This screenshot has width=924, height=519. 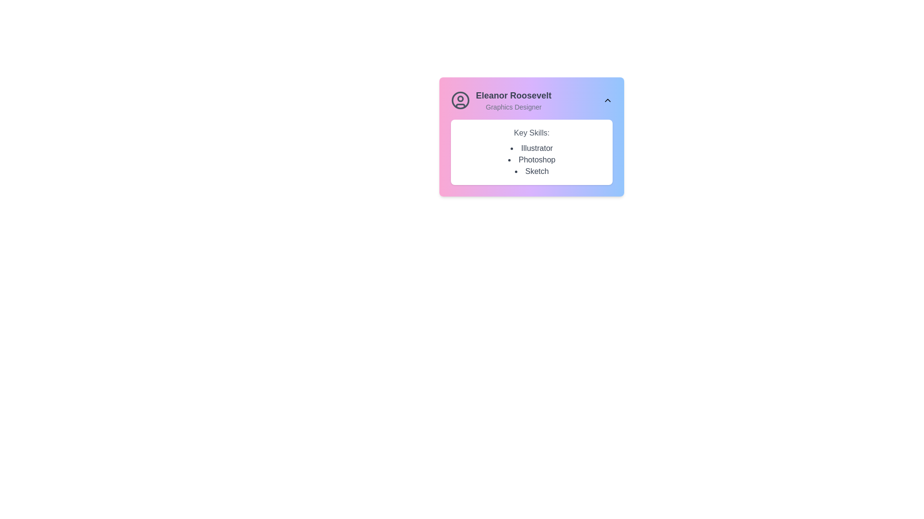 What do you see at coordinates (531, 159) in the screenshot?
I see `the 'Photoshop' skill name text label, which is the second item in the 'Key Skills' section of the UI, centrally placed within a drop-shadowed white panel` at bounding box center [531, 159].